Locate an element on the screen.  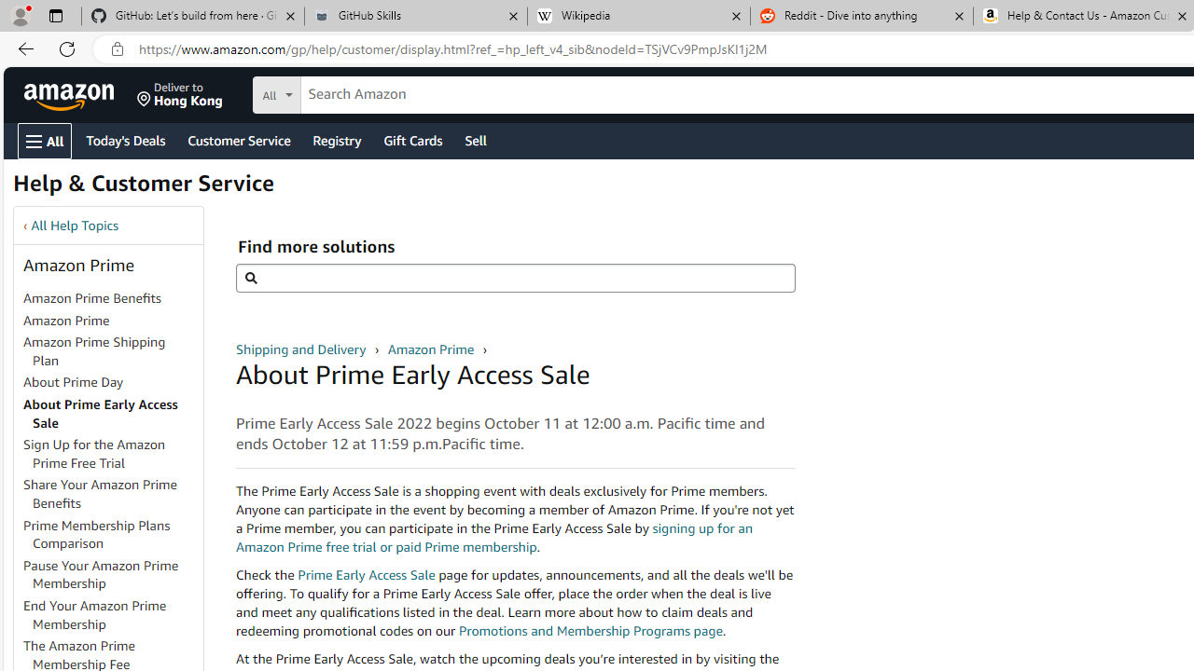
'Share Your Amazon Prime Benefits' is located at coordinates (111, 494).